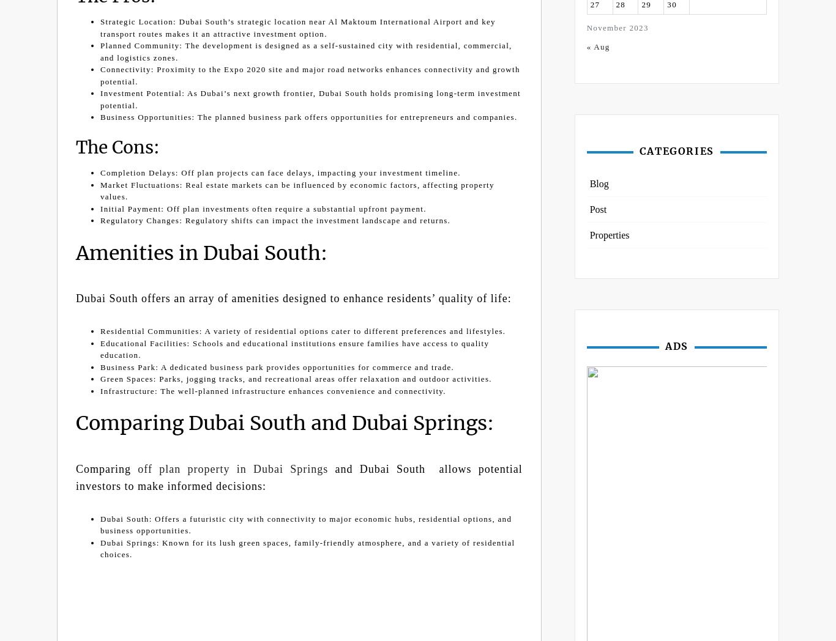  Describe the element at coordinates (296, 378) in the screenshot. I see `'Green Spaces: Parks, jogging tracks, and recreational areas offer relaxation and outdoor activities.'` at that location.